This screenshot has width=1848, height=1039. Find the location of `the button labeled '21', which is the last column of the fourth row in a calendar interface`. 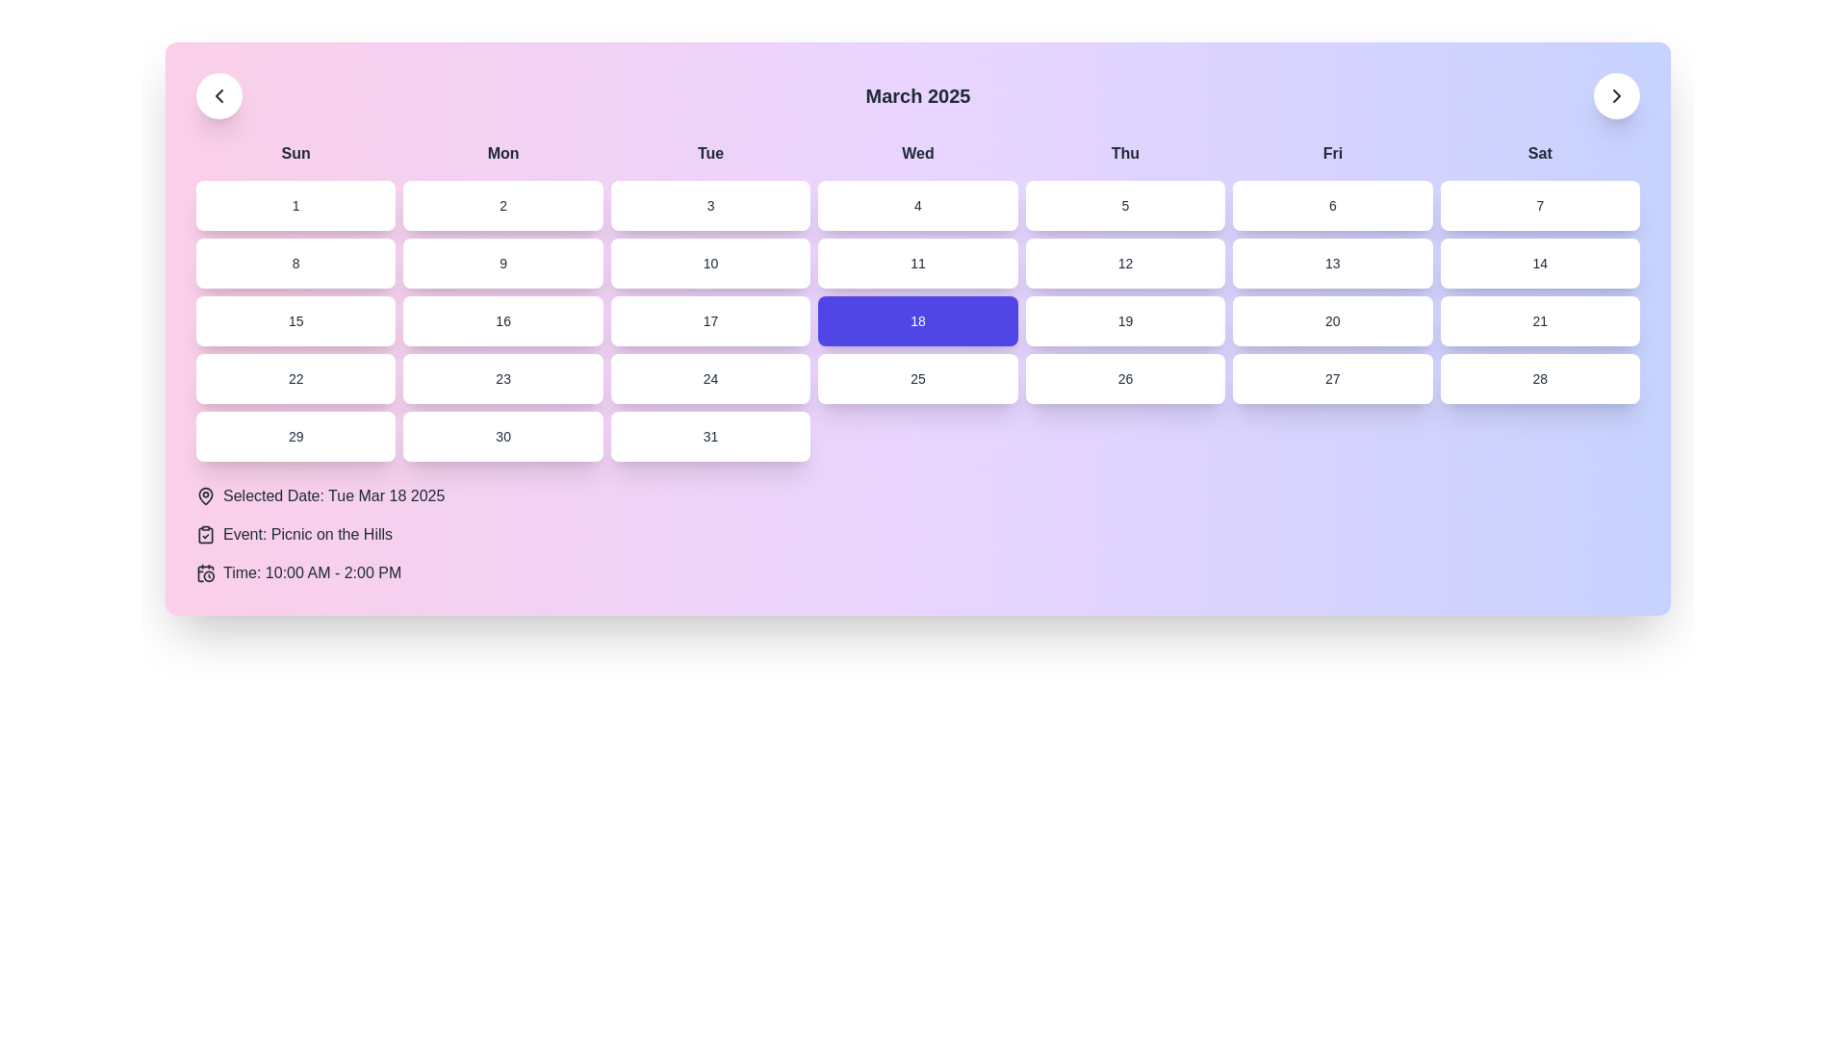

the button labeled '21', which is the last column of the fourth row in a calendar interface is located at coordinates (1538, 320).